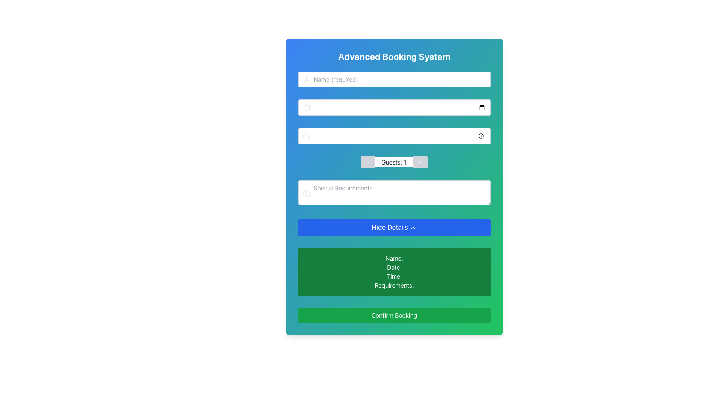 This screenshot has width=720, height=405. What do you see at coordinates (394, 227) in the screenshot?
I see `the toggle visibility button located in the bottom section of the interface, centered horizontally, to observe any hover effect` at bounding box center [394, 227].